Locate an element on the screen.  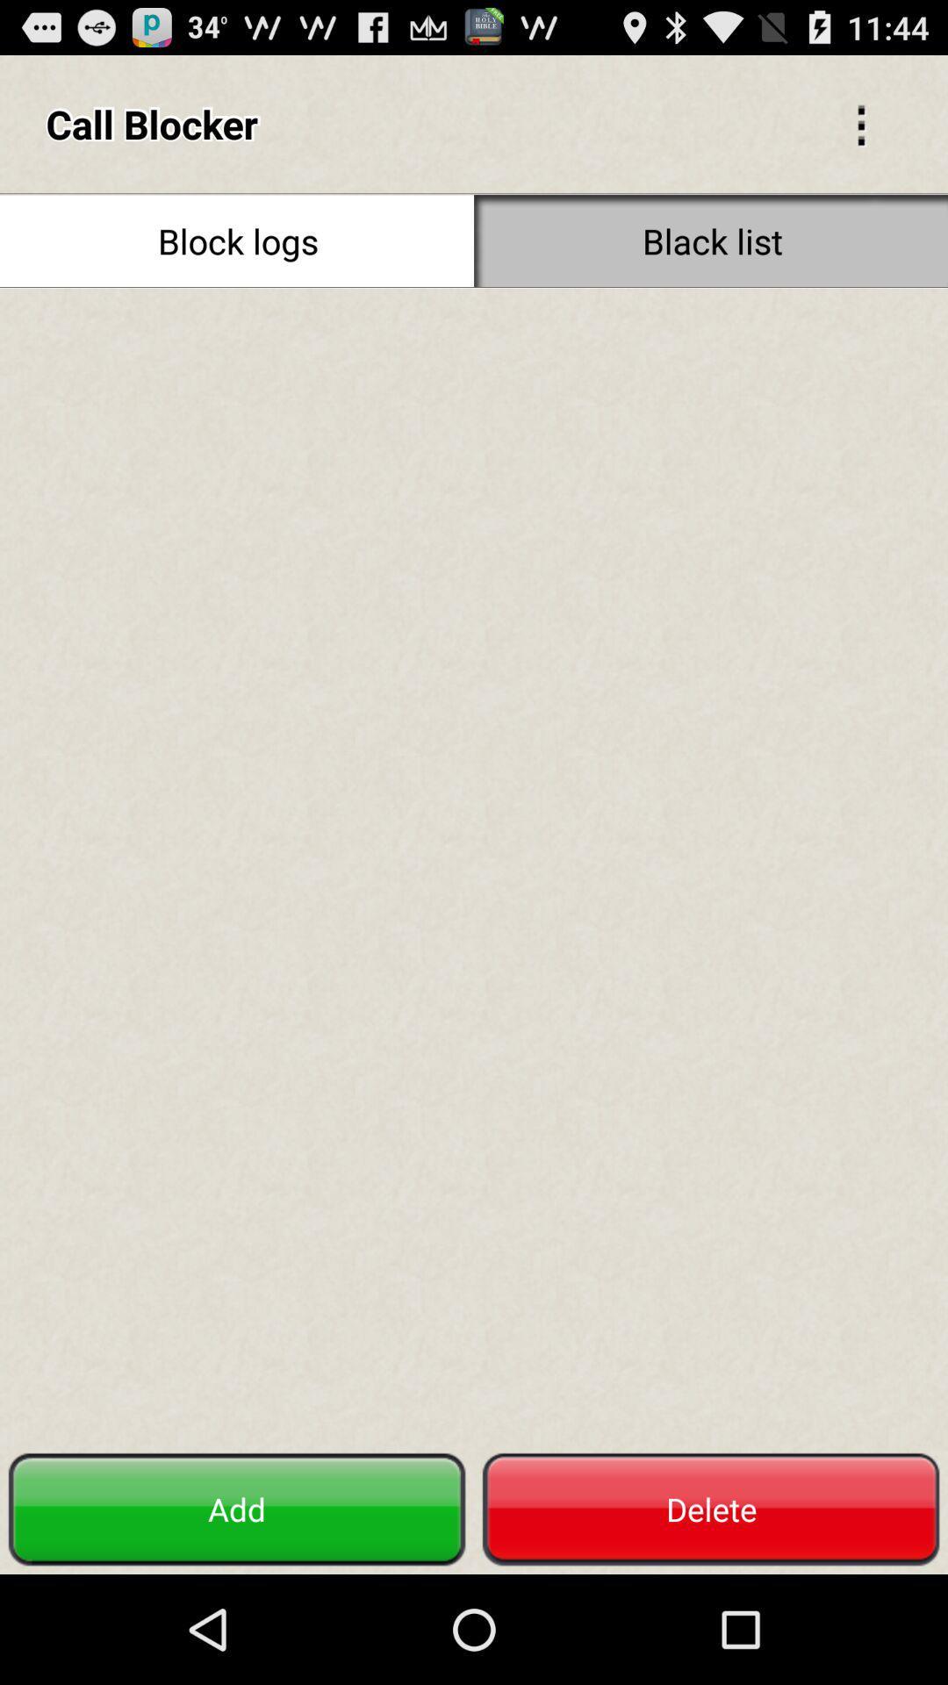
delete is located at coordinates (711, 1509).